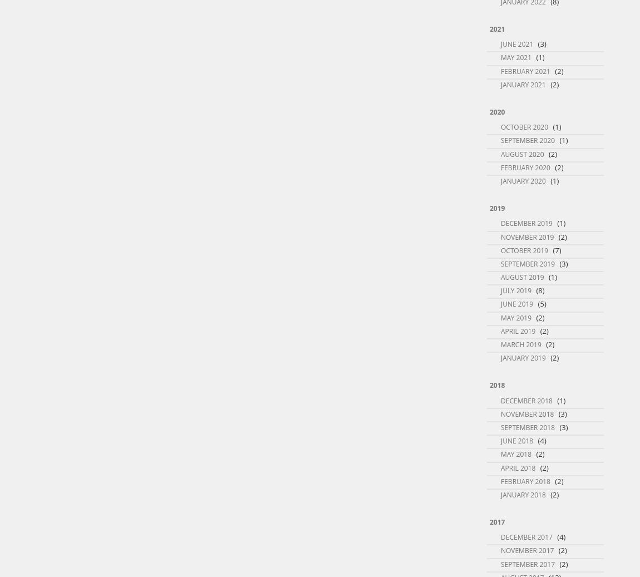 The width and height of the screenshot is (640, 577). Describe the element at coordinates (489, 385) in the screenshot. I see `'2018'` at that location.